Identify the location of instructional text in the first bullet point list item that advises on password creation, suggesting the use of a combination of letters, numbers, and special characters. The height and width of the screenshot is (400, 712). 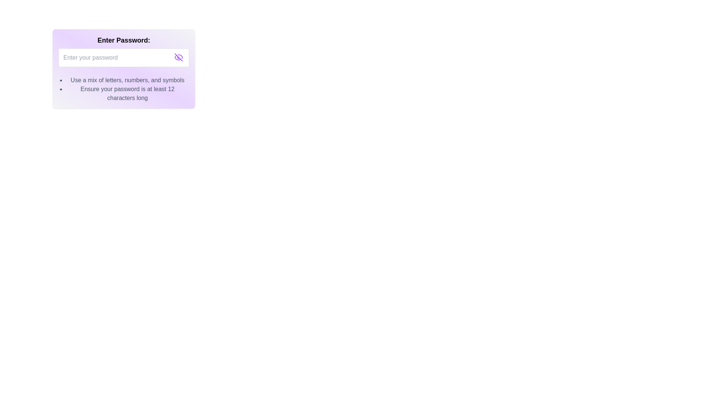
(128, 80).